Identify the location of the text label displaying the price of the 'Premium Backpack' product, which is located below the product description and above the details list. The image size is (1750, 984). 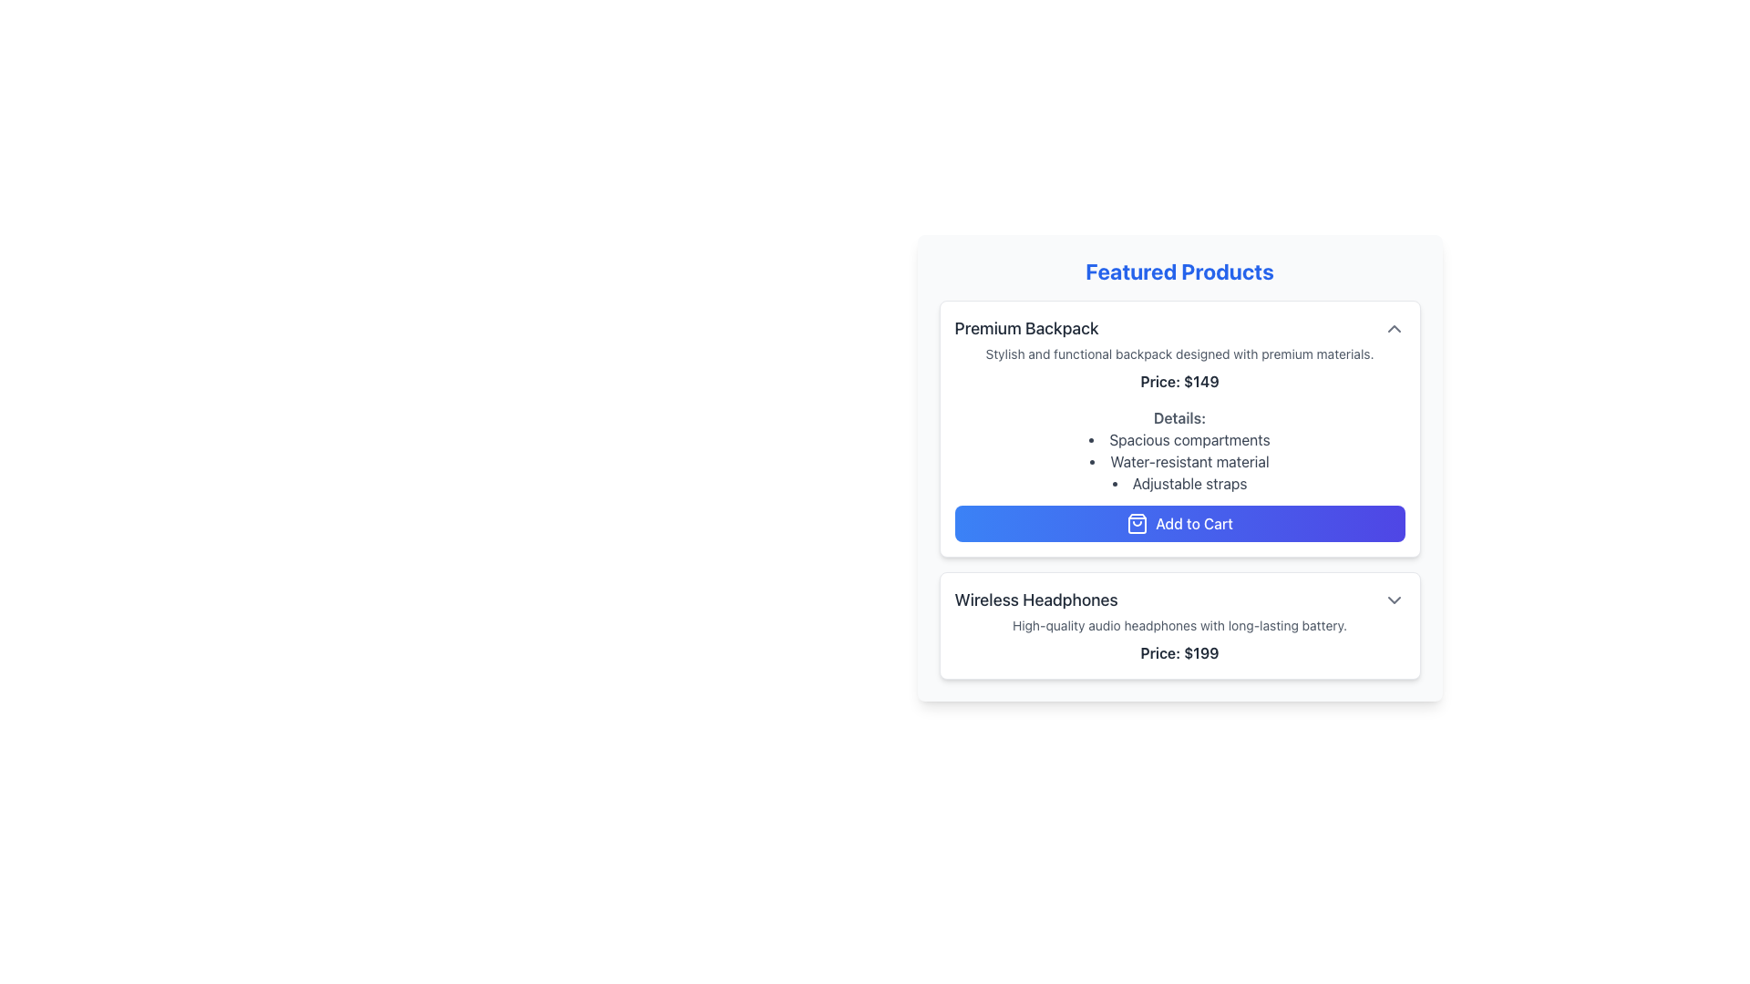
(1179, 381).